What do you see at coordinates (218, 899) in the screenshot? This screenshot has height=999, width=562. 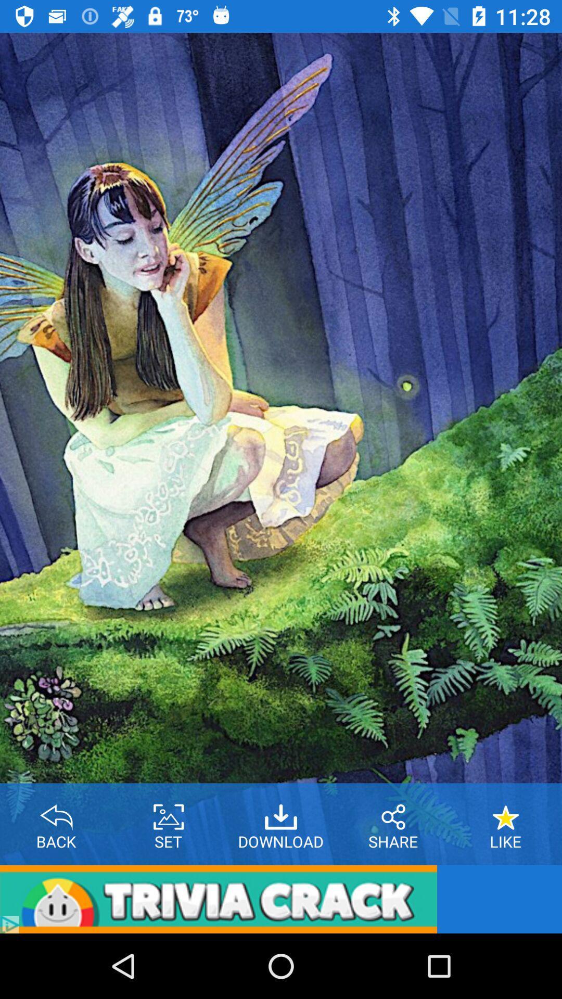 I see `app` at bounding box center [218, 899].